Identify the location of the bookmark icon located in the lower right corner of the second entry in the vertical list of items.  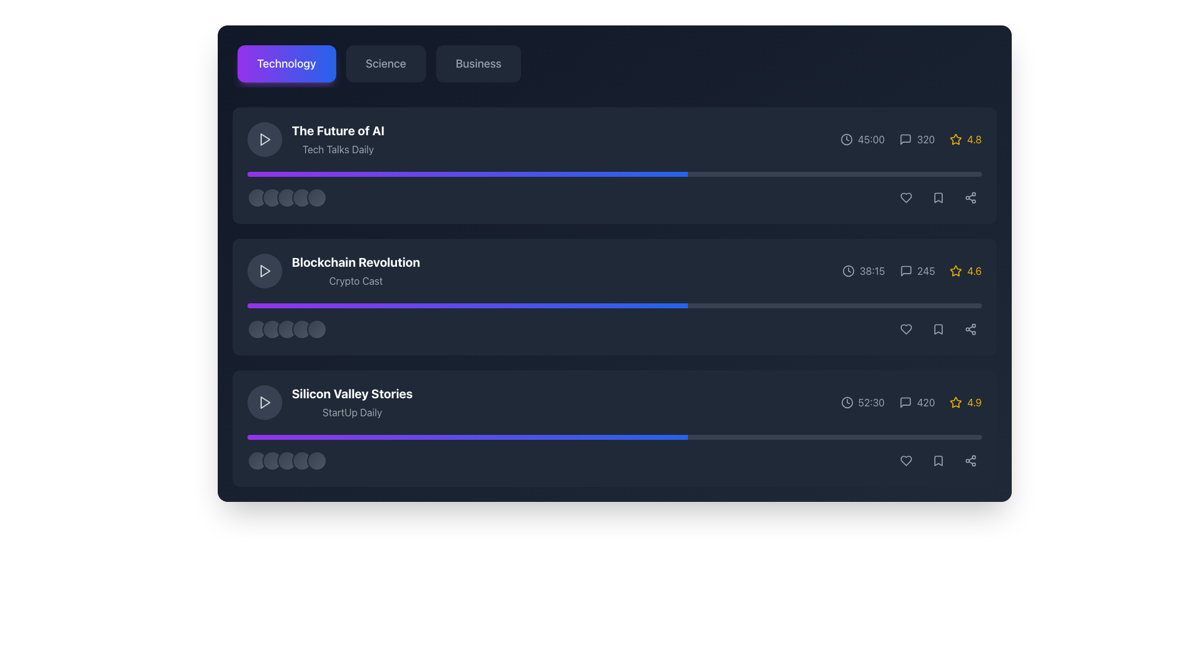
(938, 329).